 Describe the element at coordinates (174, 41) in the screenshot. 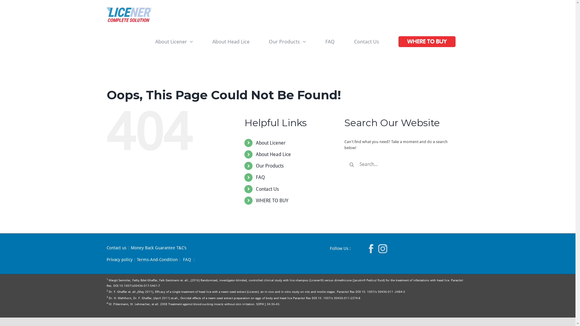

I see `'About Licener'` at that location.